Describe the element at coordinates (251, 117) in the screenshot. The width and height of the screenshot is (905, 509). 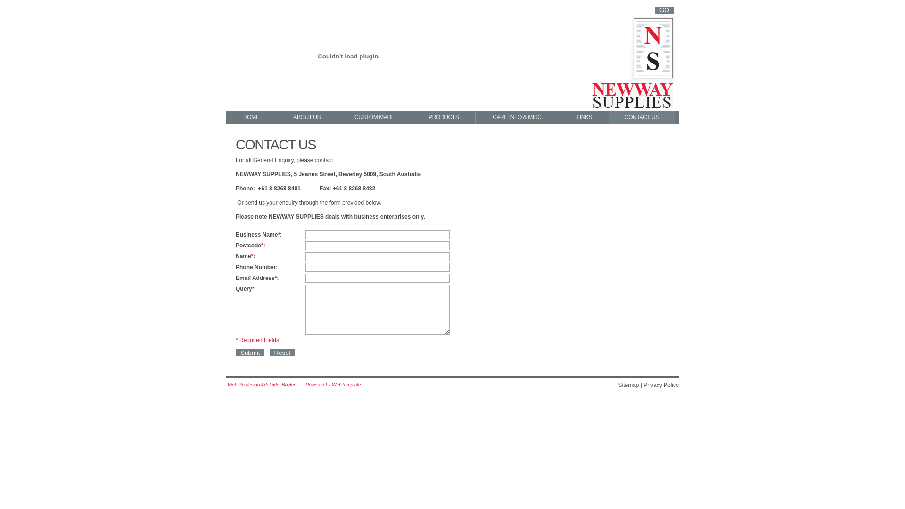
I see `'HOME'` at that location.